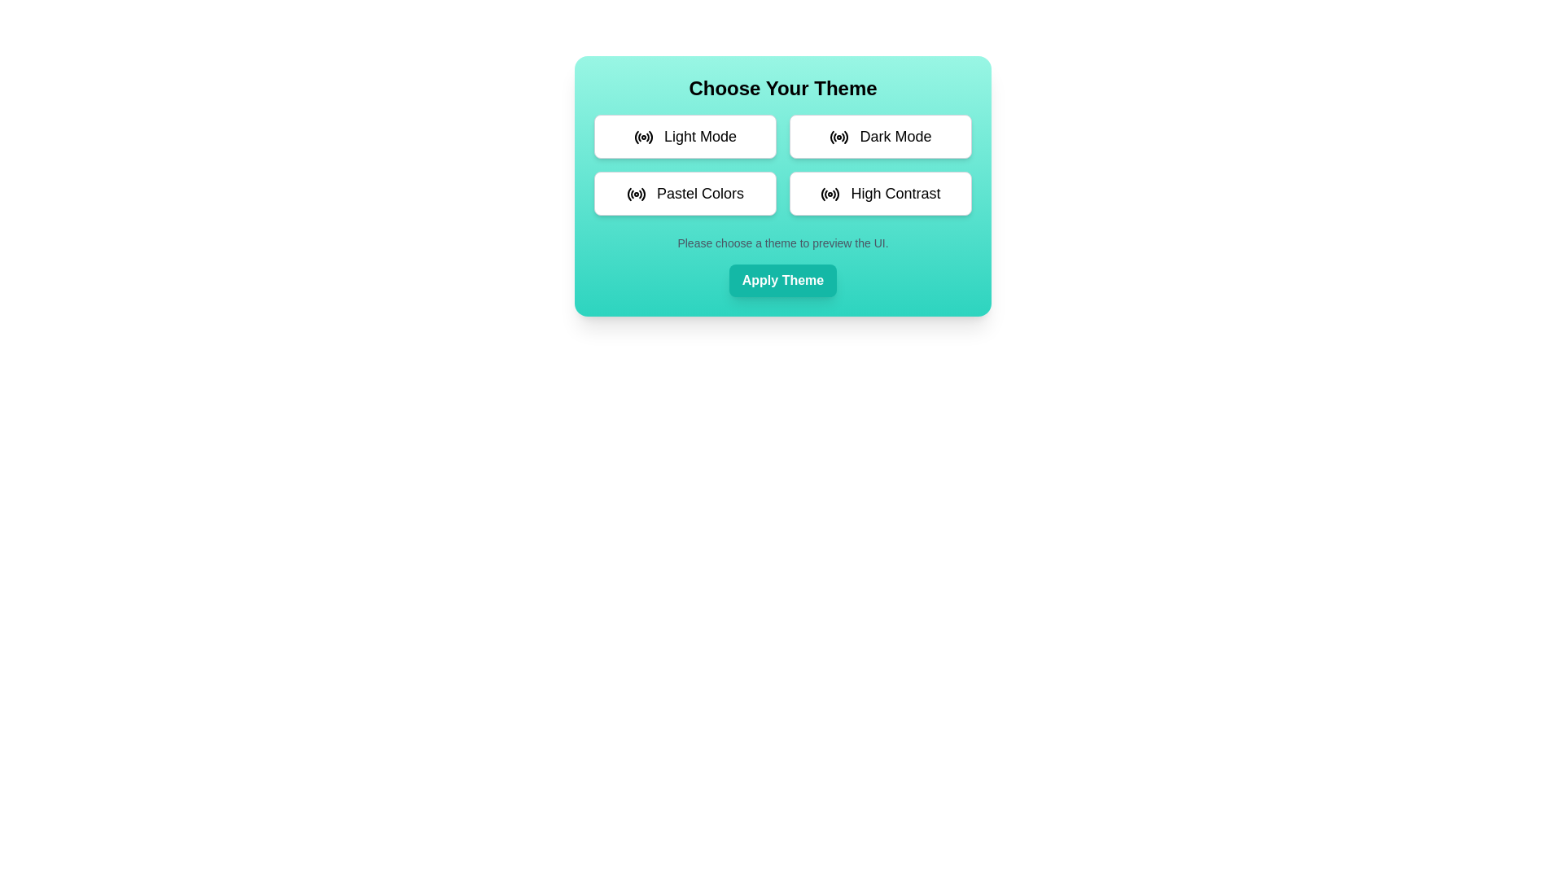 The image size is (1563, 879). What do you see at coordinates (782, 243) in the screenshot?
I see `the instructional text element that provides guidance on theme selection options, which is centrally aligned below the theme selection options grid and above the 'Apply Theme' button` at bounding box center [782, 243].